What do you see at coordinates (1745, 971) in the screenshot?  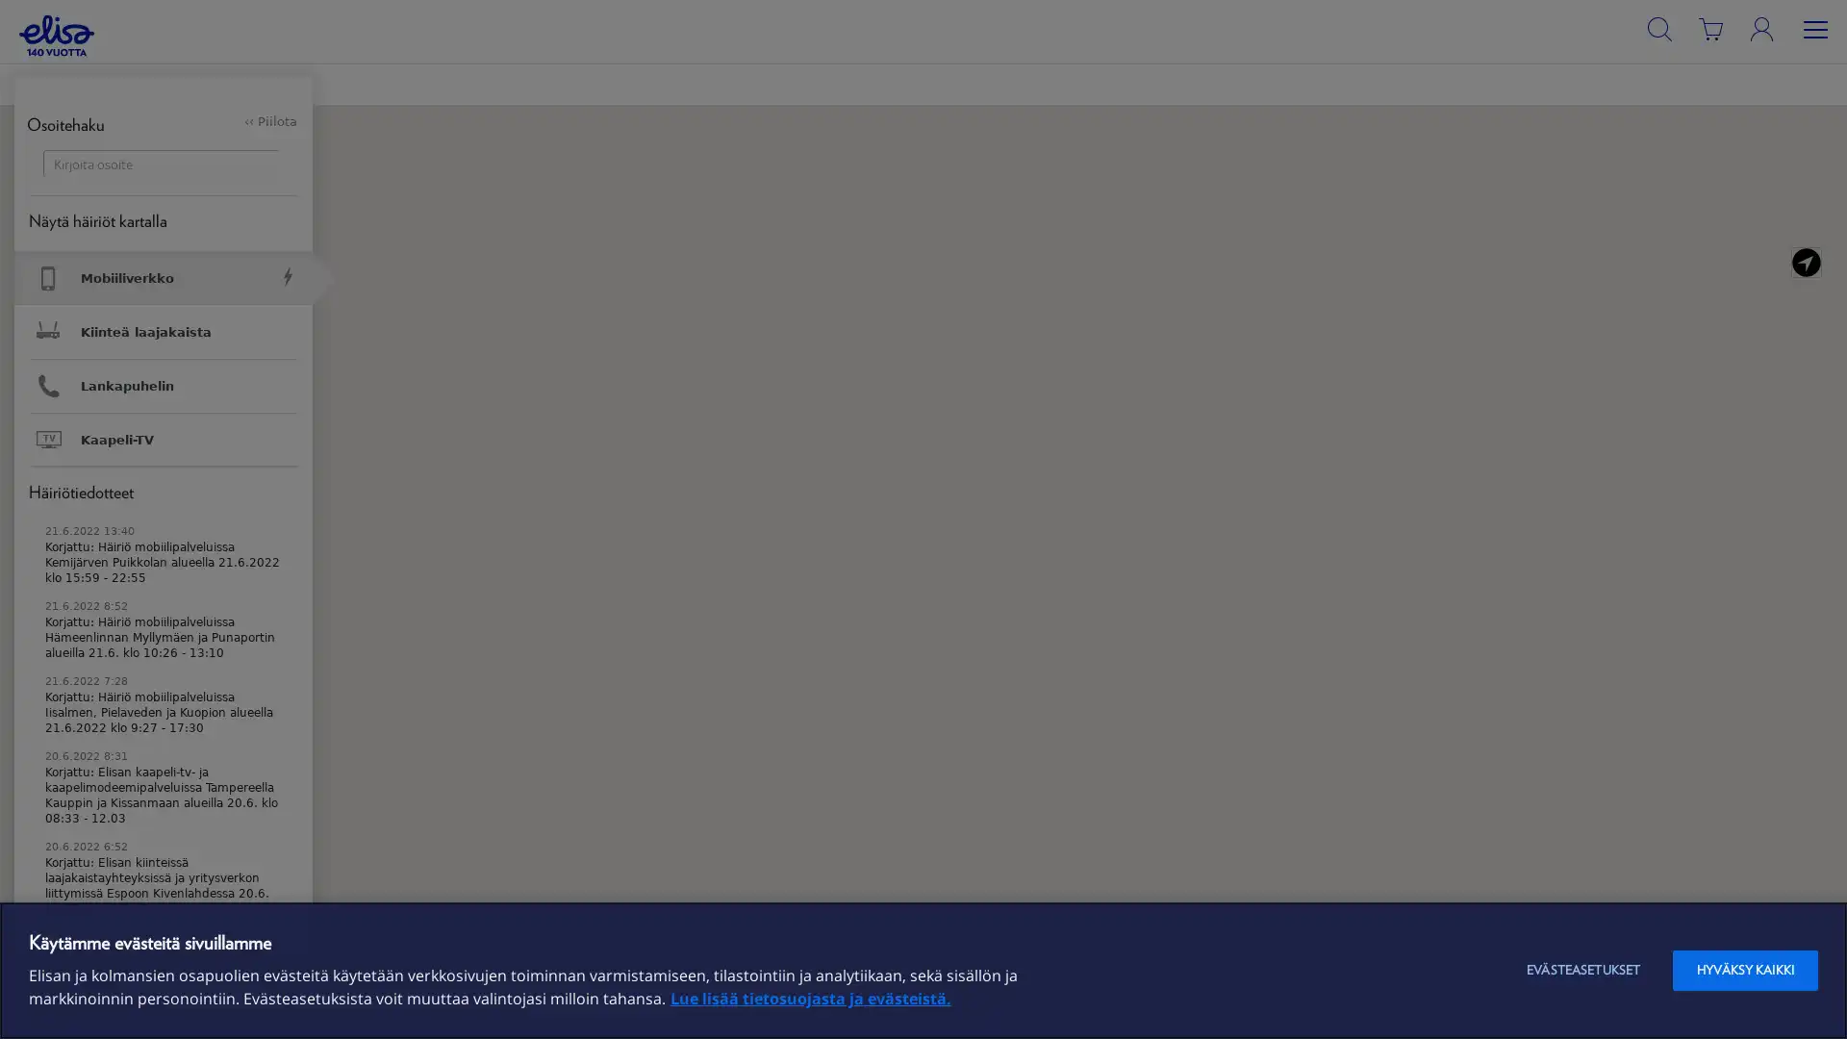 I see `HYVAKSY KAIKKI` at bounding box center [1745, 971].